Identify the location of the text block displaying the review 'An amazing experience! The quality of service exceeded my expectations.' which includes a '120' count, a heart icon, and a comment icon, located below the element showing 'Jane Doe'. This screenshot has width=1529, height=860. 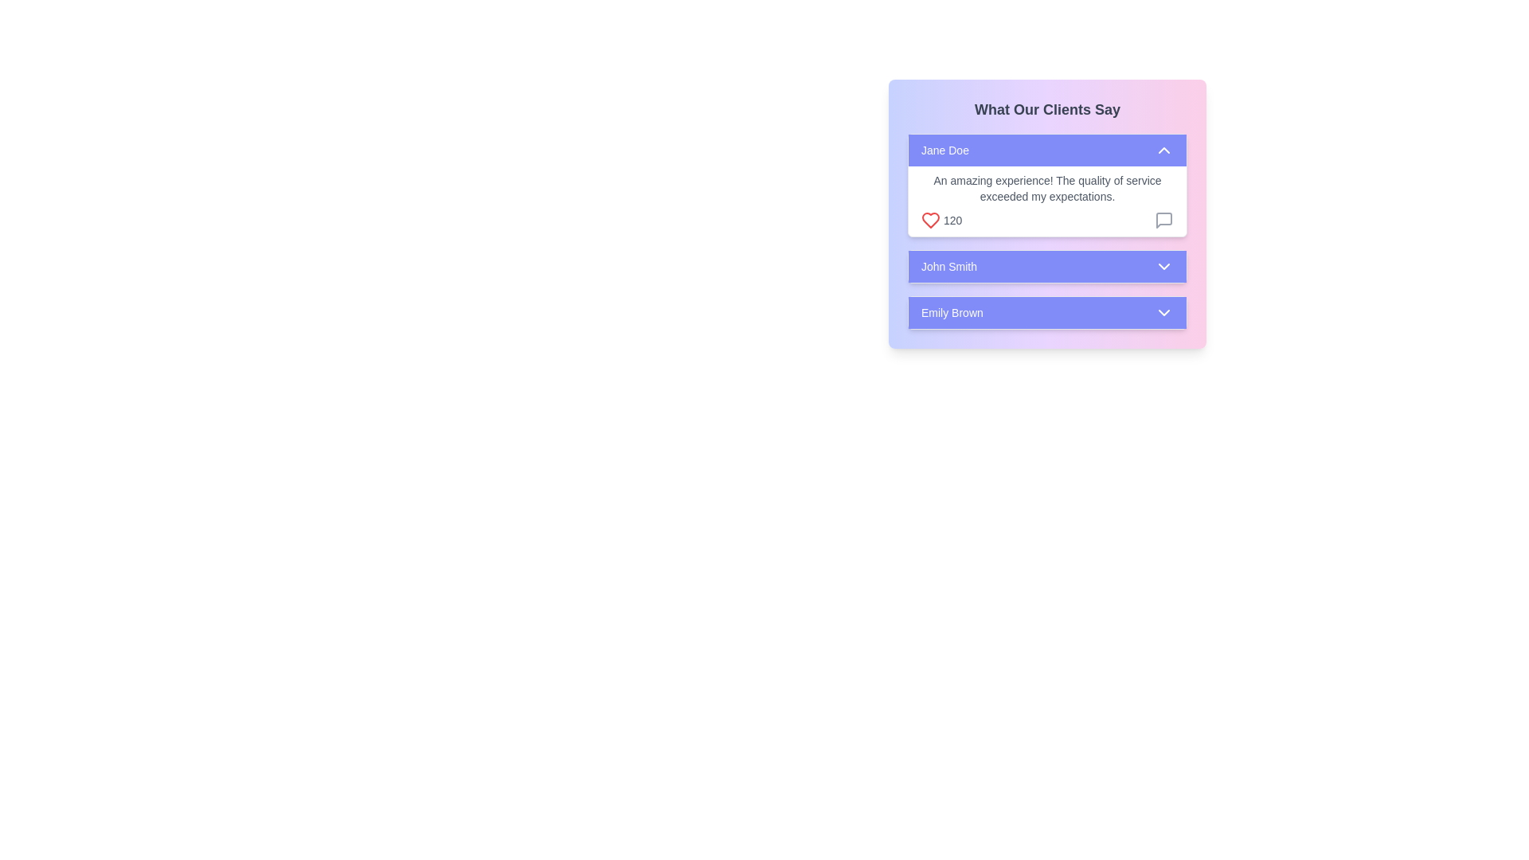
(1047, 201).